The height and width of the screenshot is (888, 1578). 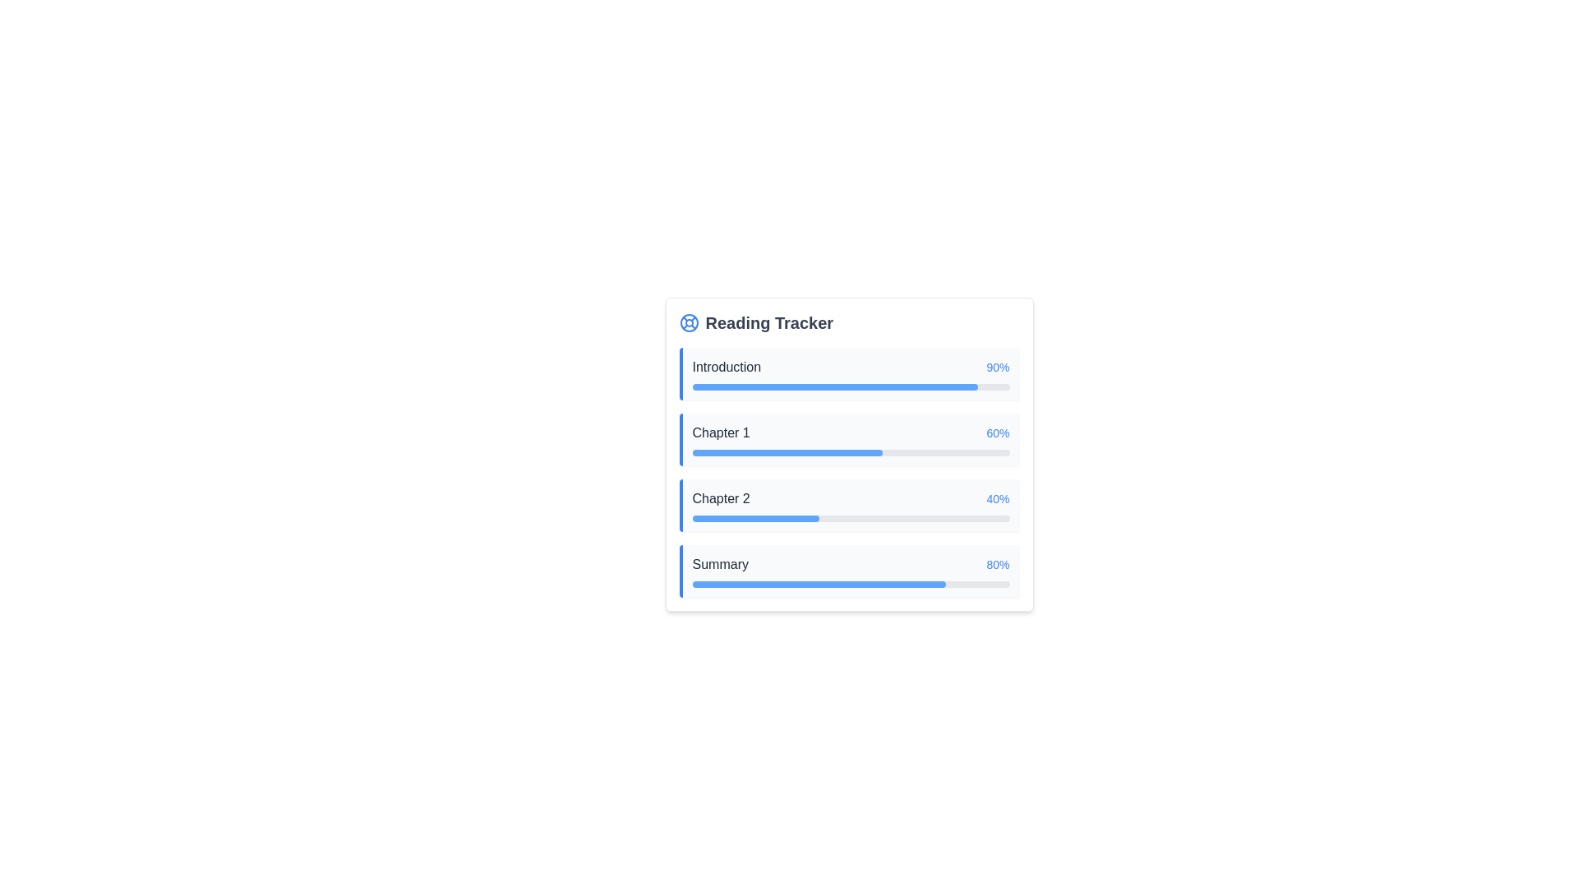 I want to click on the text label indicating a specific section or chapter in the reading tracker interface, located second from the top and positioned to the left of the progress percentage, so click(x=721, y=432).